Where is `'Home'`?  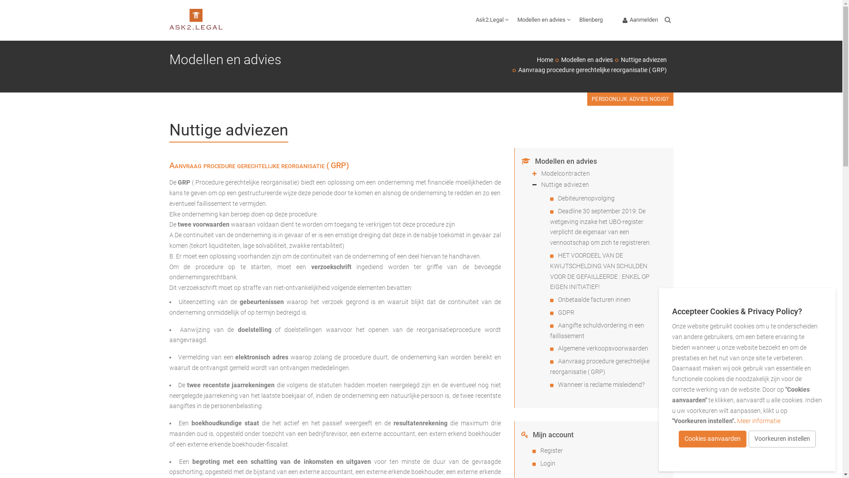 'Home' is located at coordinates (544, 60).